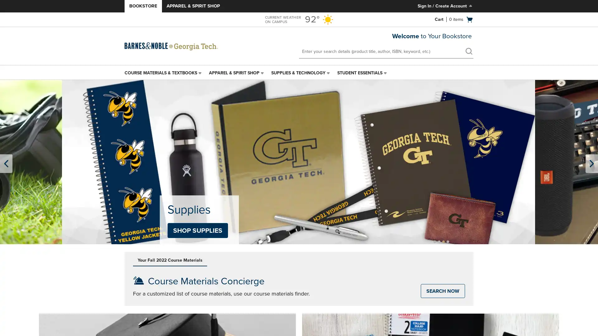  I want to click on Unselected, Slide 2, so click(439, 241).